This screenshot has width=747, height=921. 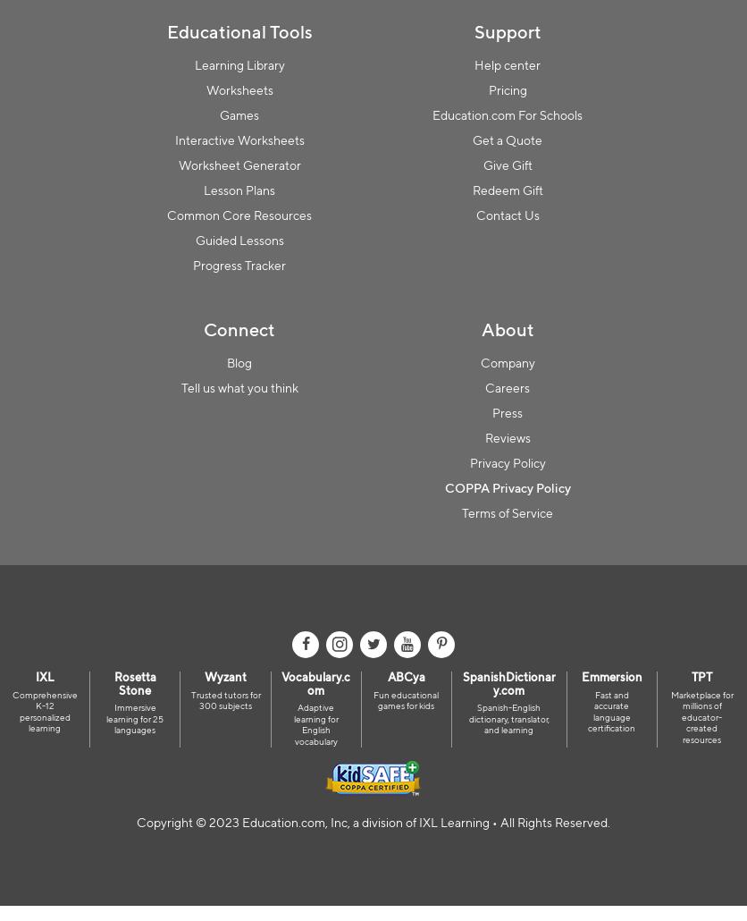 I want to click on 'Pricing', so click(x=506, y=89).